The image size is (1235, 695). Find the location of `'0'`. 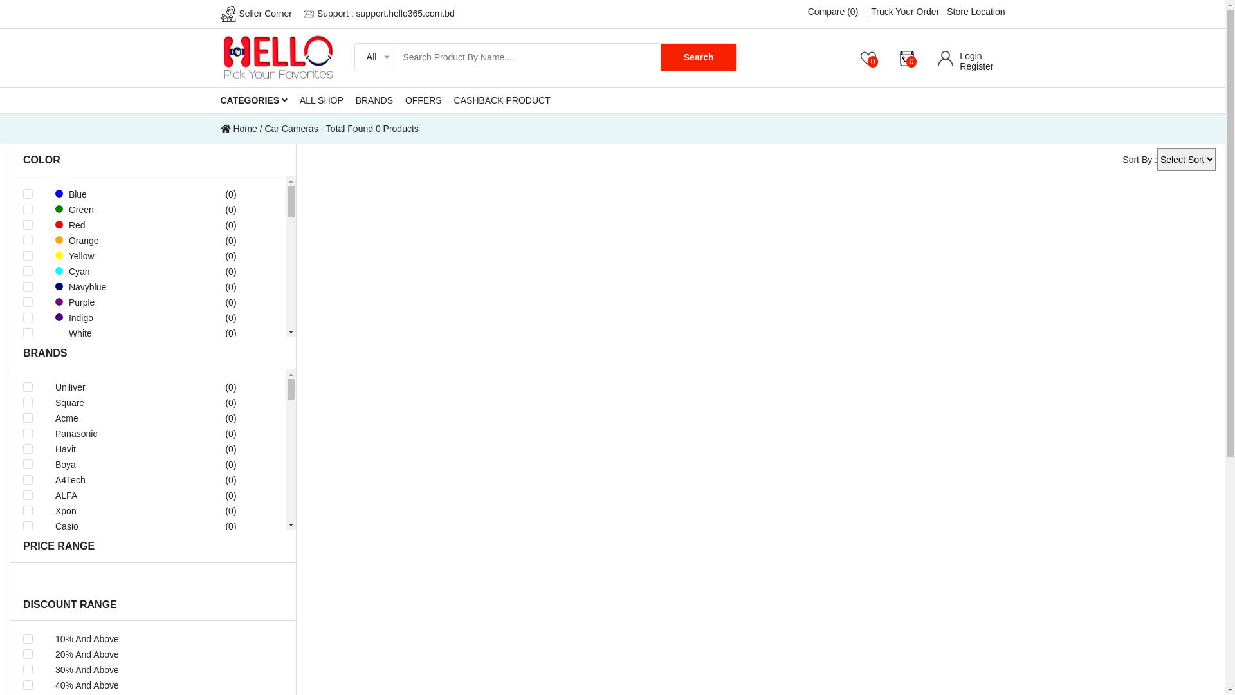

'0' is located at coordinates (906, 57).